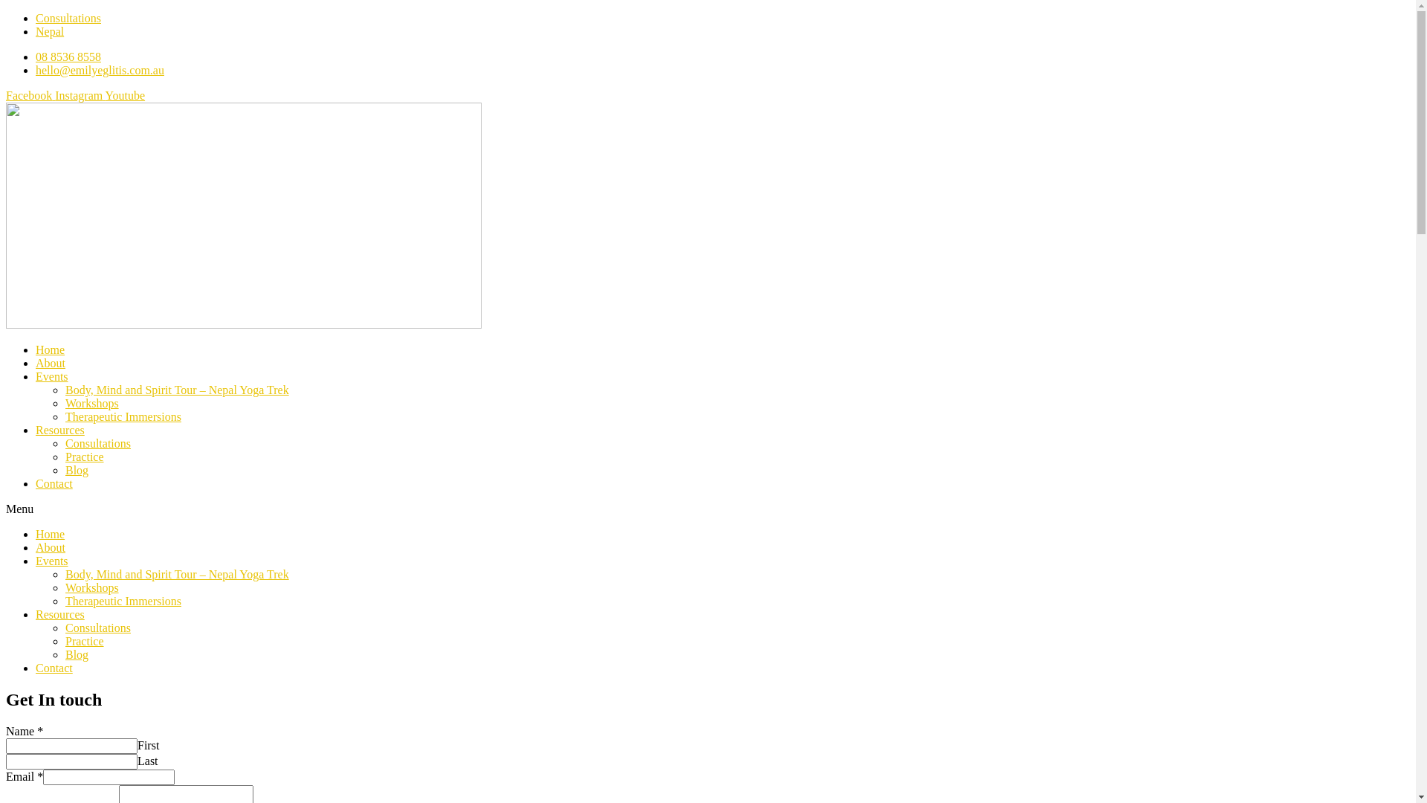 The image size is (1427, 803). What do you see at coordinates (36, 70) in the screenshot?
I see `'hello@emilyeglitis.com.au'` at bounding box center [36, 70].